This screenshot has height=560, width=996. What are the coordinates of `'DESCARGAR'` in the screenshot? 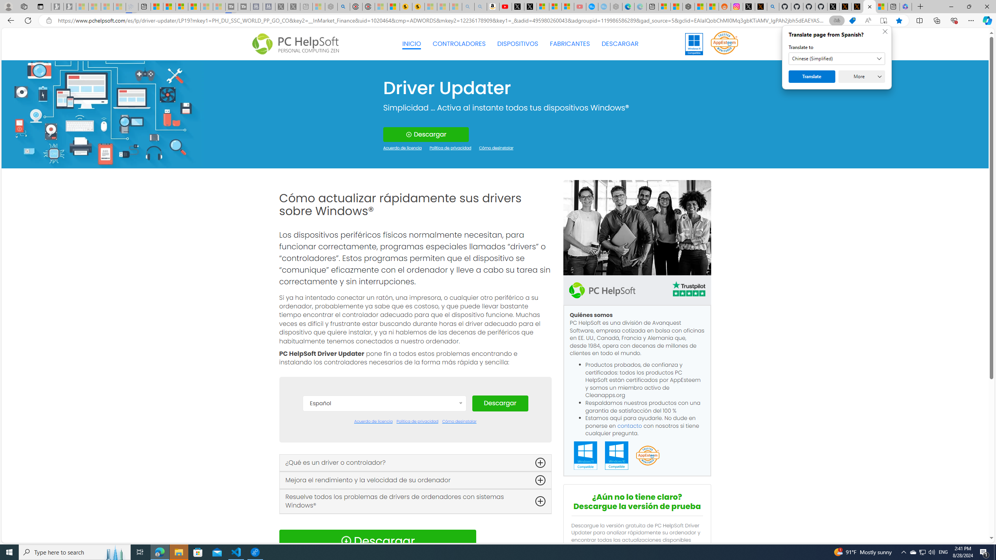 It's located at (620, 44).